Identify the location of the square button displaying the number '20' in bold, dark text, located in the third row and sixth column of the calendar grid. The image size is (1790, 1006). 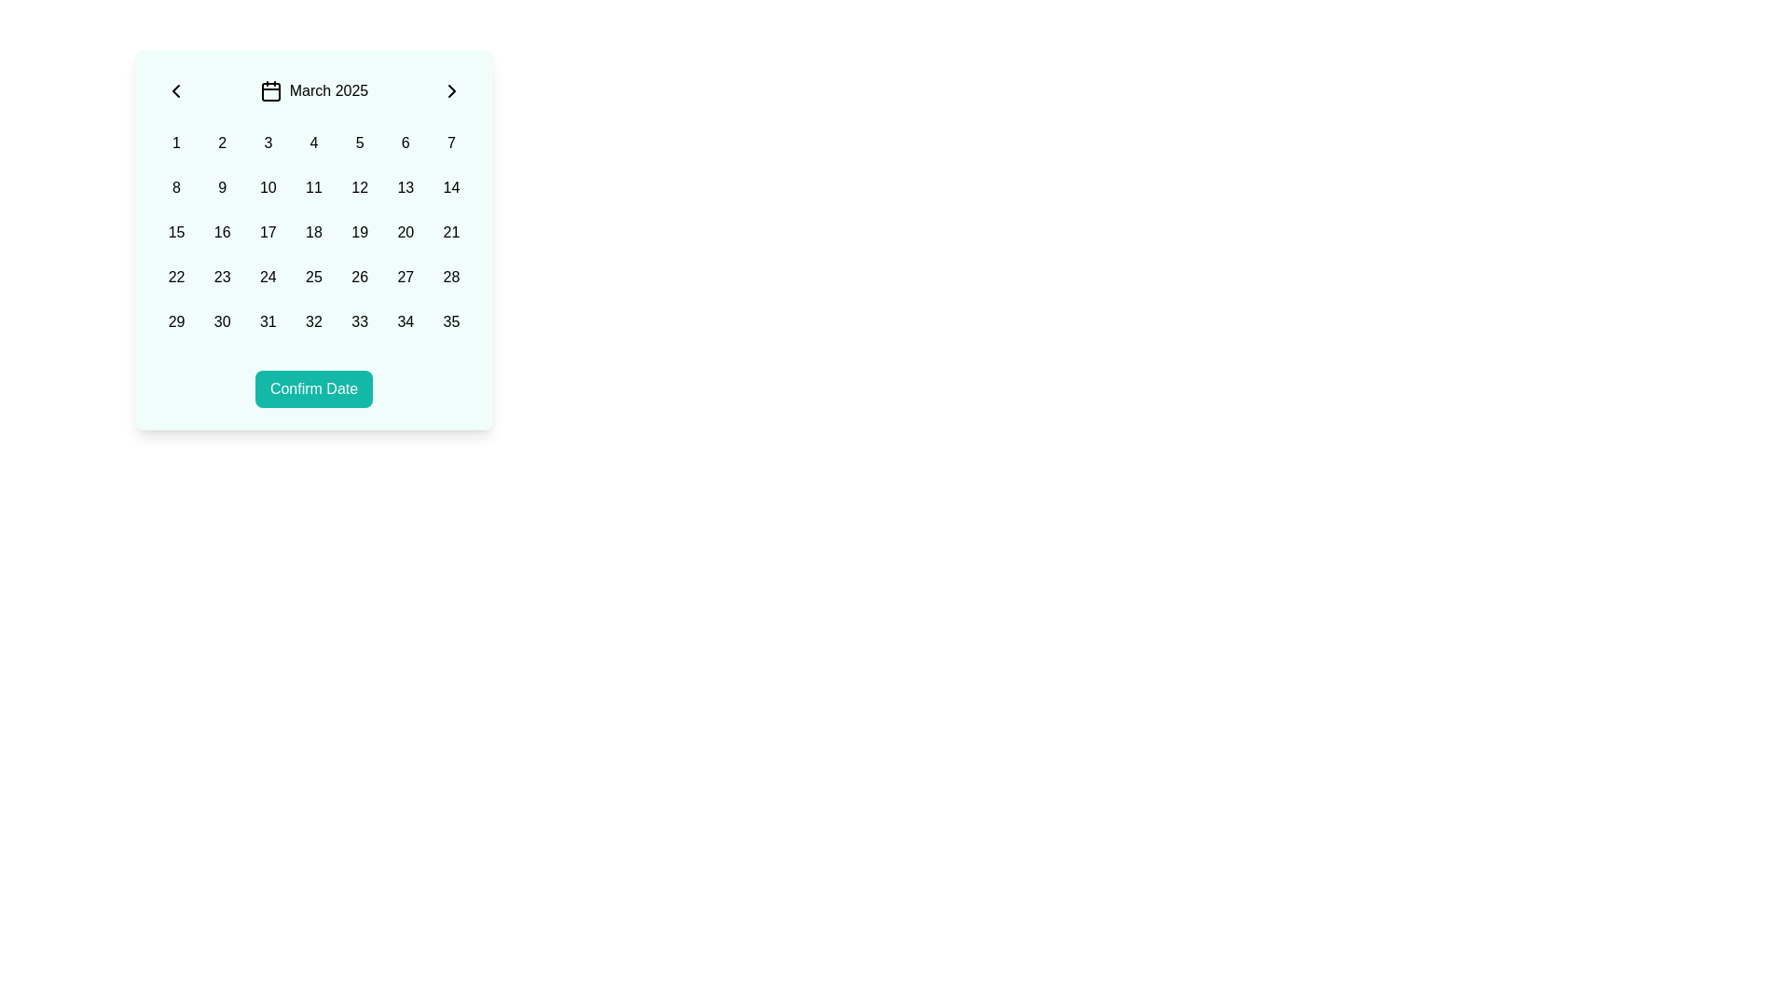
(405, 232).